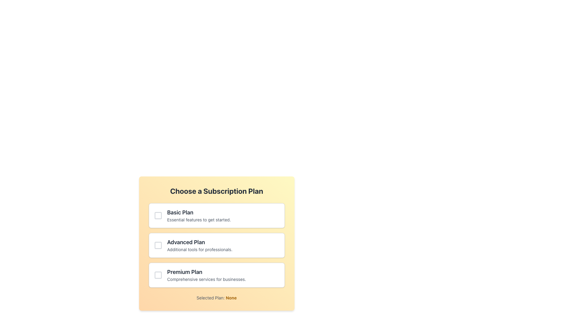 Image resolution: width=583 pixels, height=328 pixels. What do you see at coordinates (216, 297) in the screenshot?
I see `text from the Text Display that states 'Selected Plan: None', which is located at the bottom of the subscription plan card` at bounding box center [216, 297].